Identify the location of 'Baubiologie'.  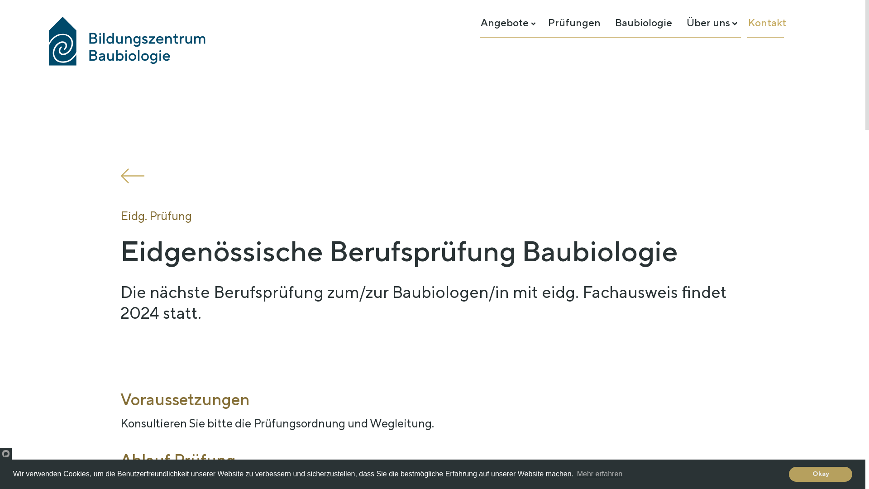
(643, 22).